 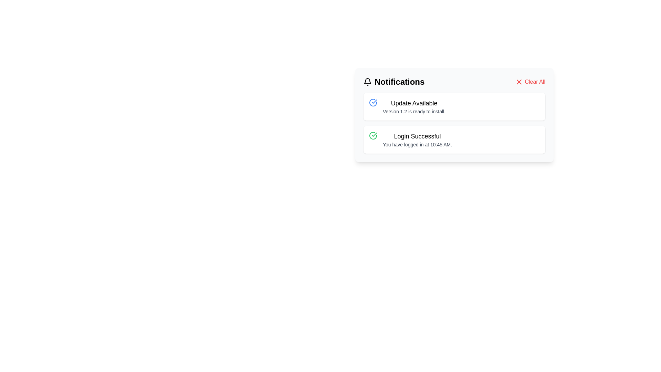 What do you see at coordinates (530, 82) in the screenshot?
I see `the clear notifications button located on the far-right side of the Notifications section header, adjacent to the 'Notifications' title` at bounding box center [530, 82].